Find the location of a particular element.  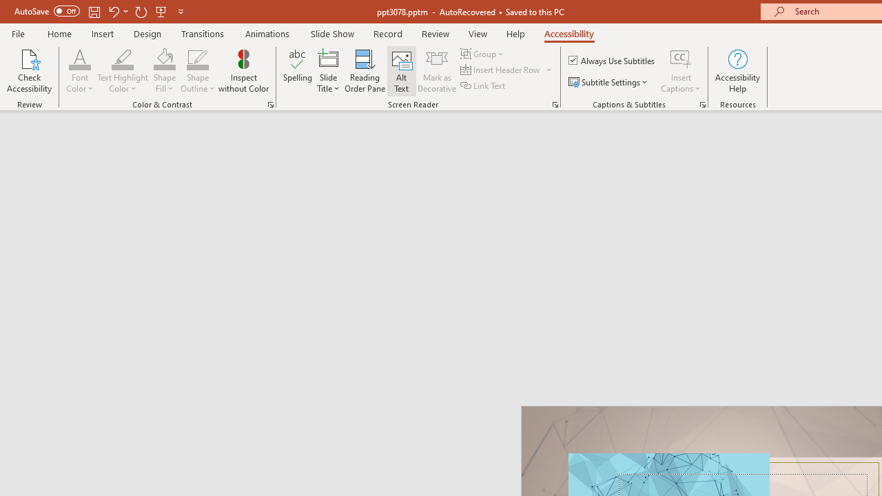

'Captions & Subtitles' is located at coordinates (703, 103).